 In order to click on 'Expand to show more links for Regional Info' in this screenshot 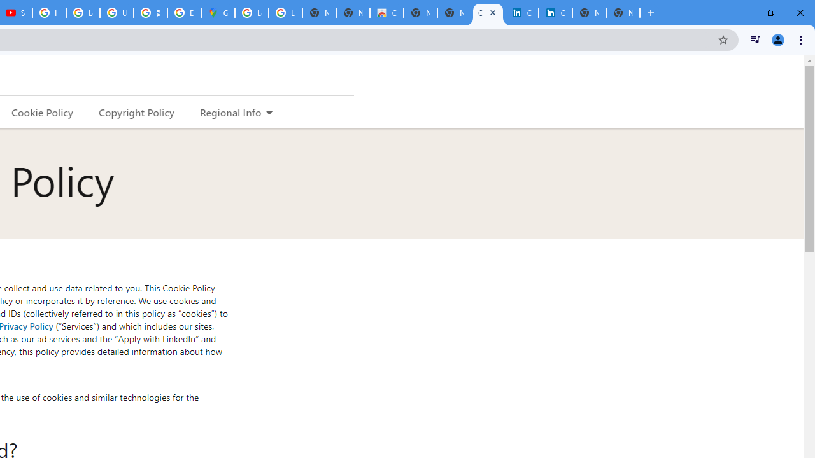, I will do `click(268, 113)`.